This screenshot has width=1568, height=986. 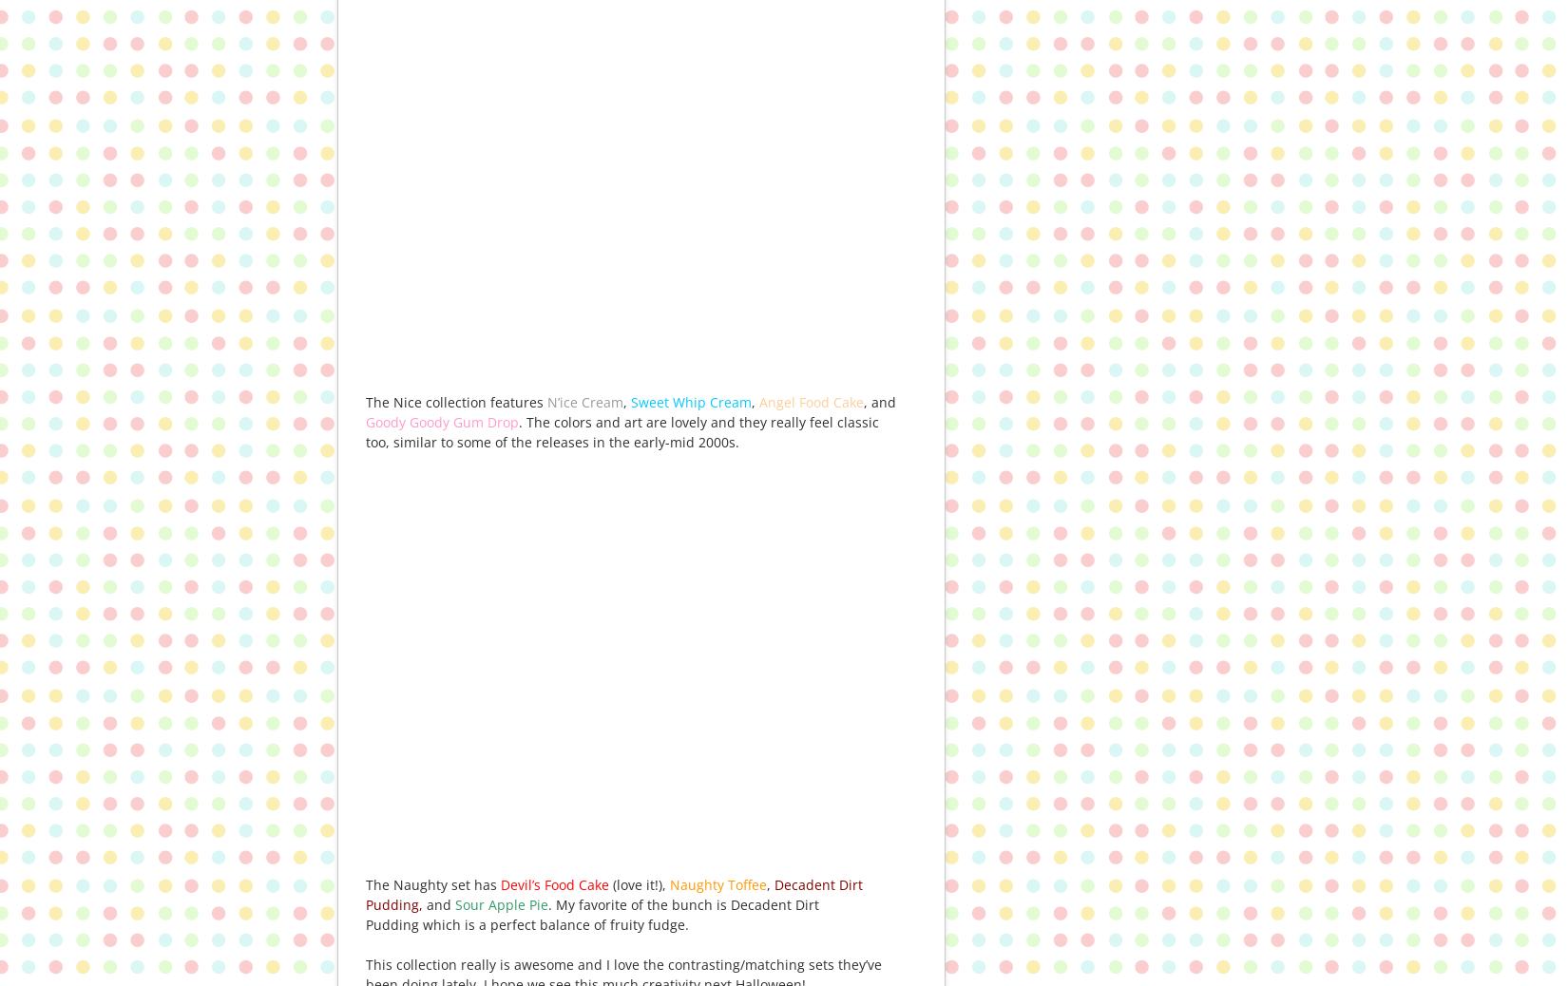 What do you see at coordinates (432, 884) in the screenshot?
I see `'The Naughty set has'` at bounding box center [432, 884].